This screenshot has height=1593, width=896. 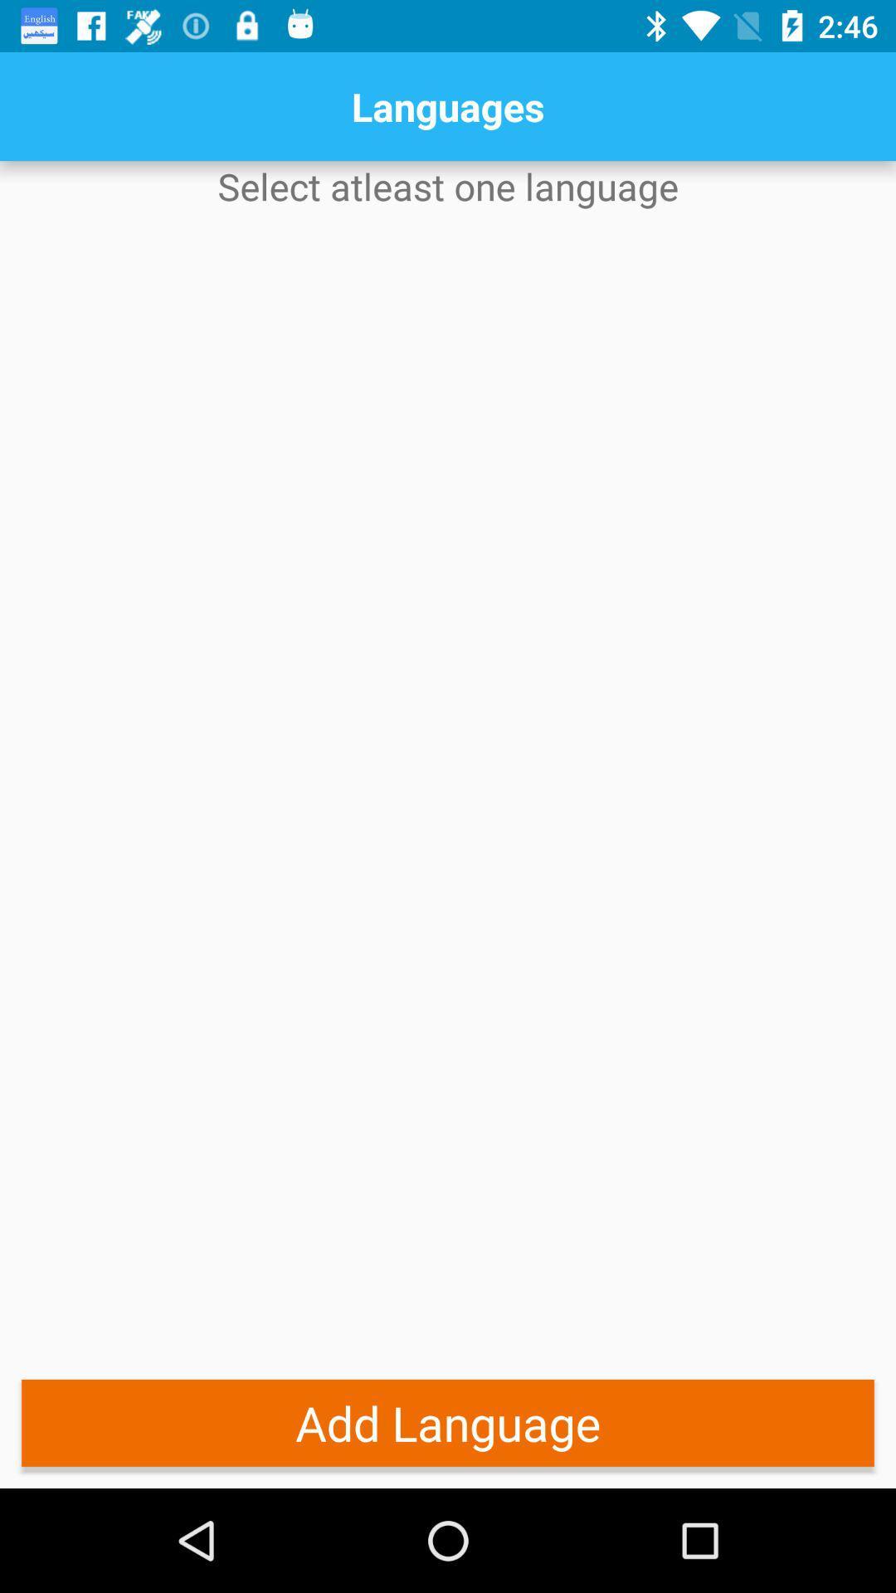 I want to click on the add language button, so click(x=448, y=1422).